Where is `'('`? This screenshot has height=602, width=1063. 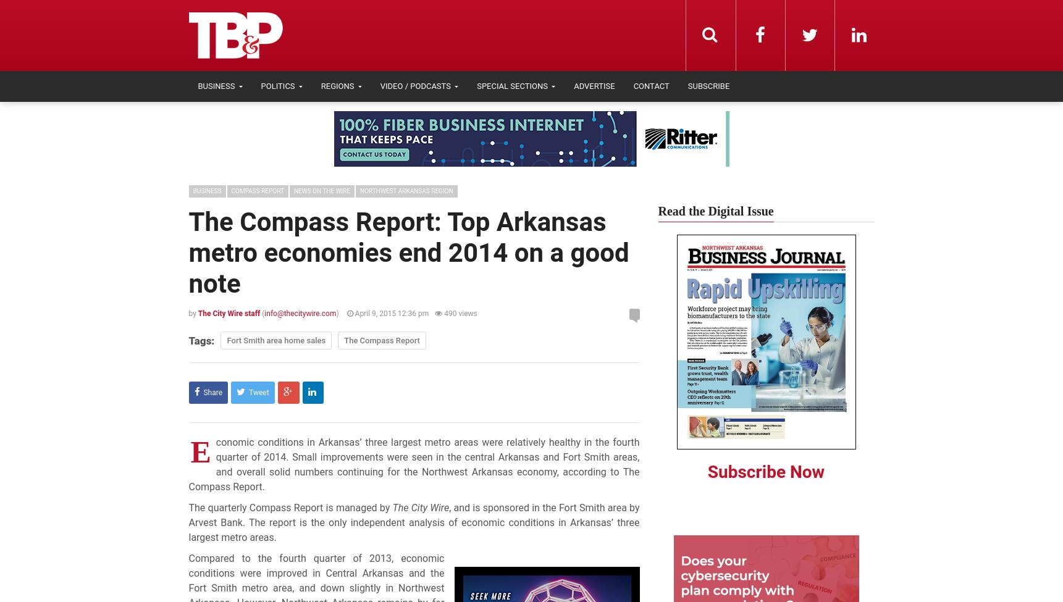
'(' is located at coordinates (261, 312).